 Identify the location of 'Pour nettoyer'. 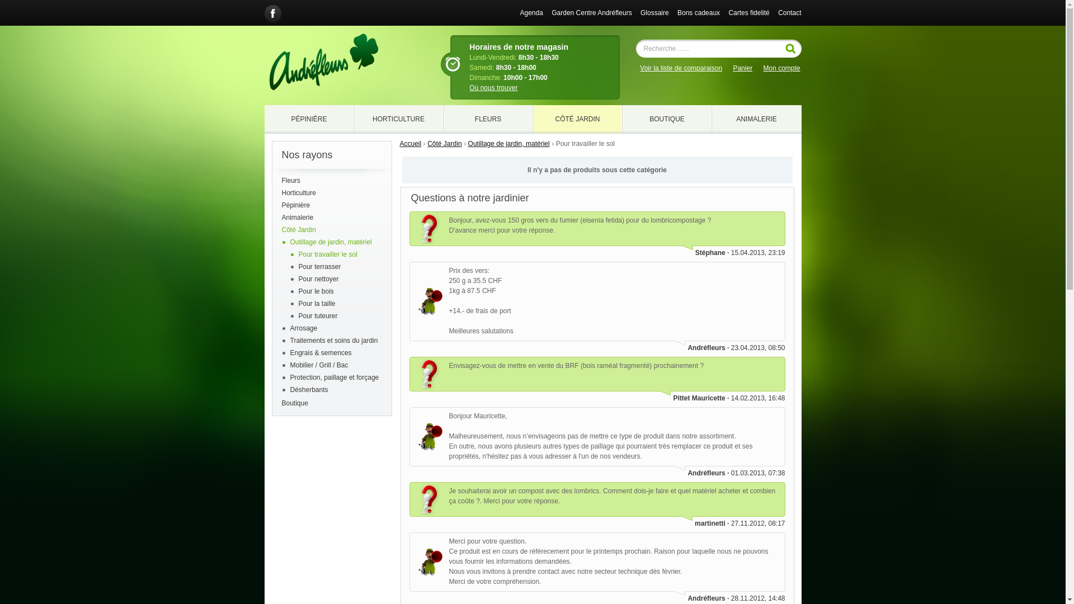
(318, 278).